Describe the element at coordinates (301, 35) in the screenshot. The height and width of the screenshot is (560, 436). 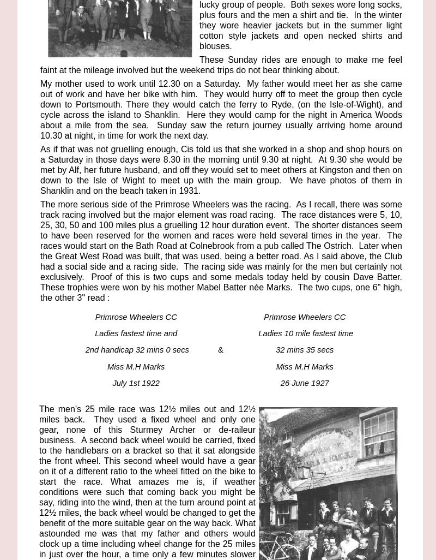
I see `'but in the summer light cotton style jackets and open necked shirts and blouses.'` at that location.